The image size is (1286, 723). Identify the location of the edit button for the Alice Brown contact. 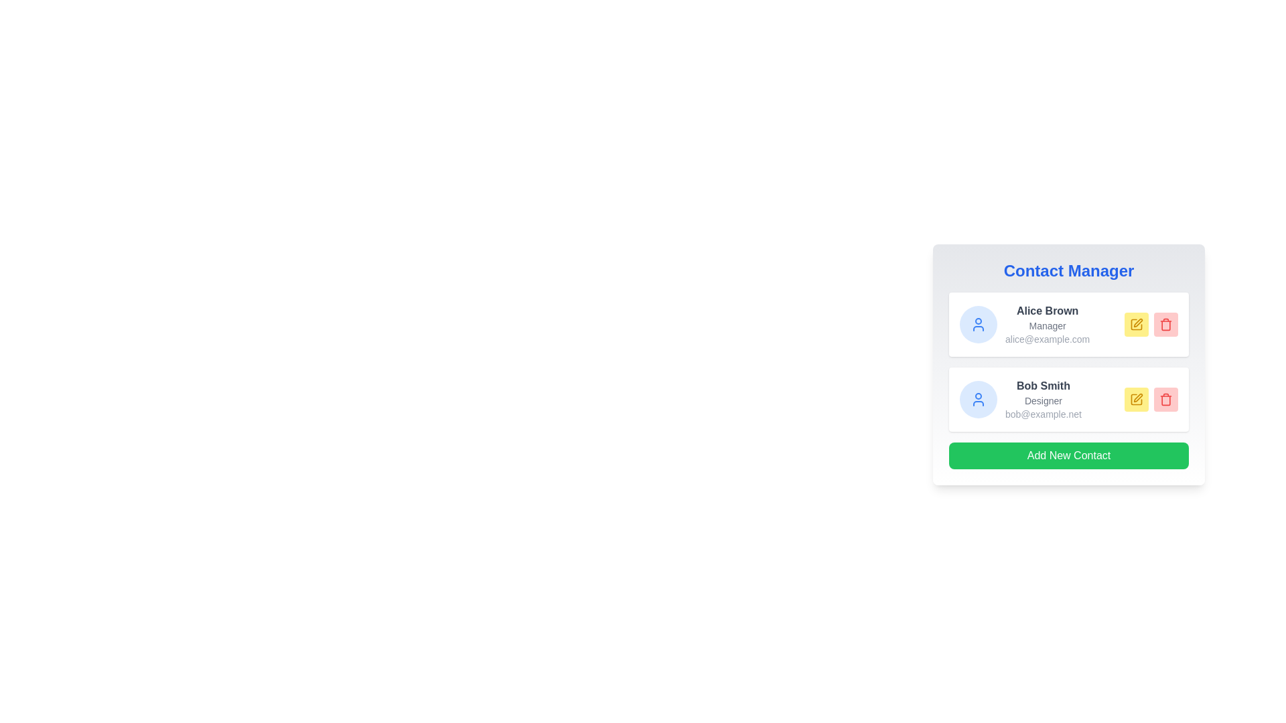
(1136, 325).